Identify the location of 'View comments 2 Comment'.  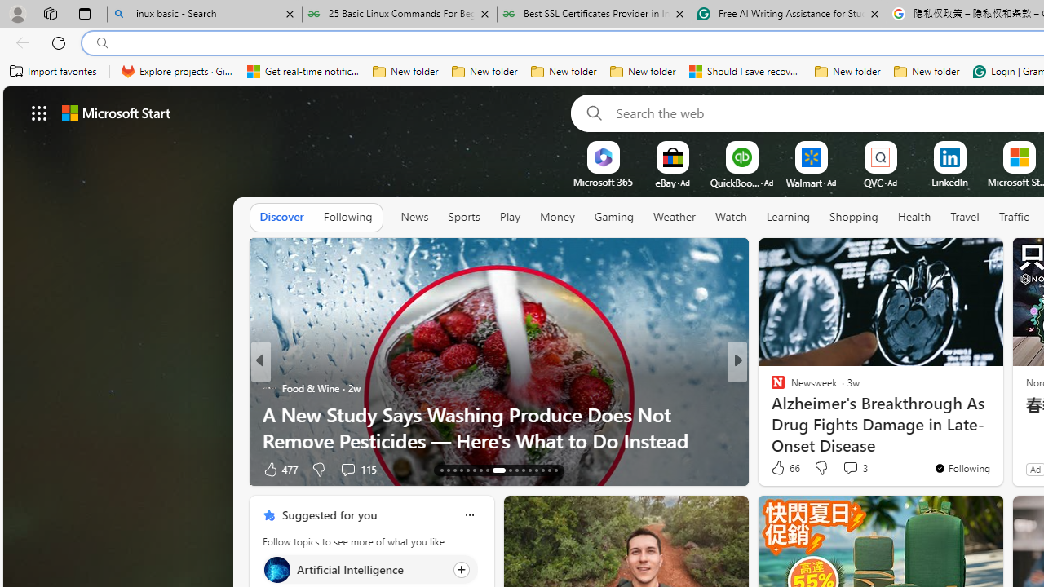
(845, 469).